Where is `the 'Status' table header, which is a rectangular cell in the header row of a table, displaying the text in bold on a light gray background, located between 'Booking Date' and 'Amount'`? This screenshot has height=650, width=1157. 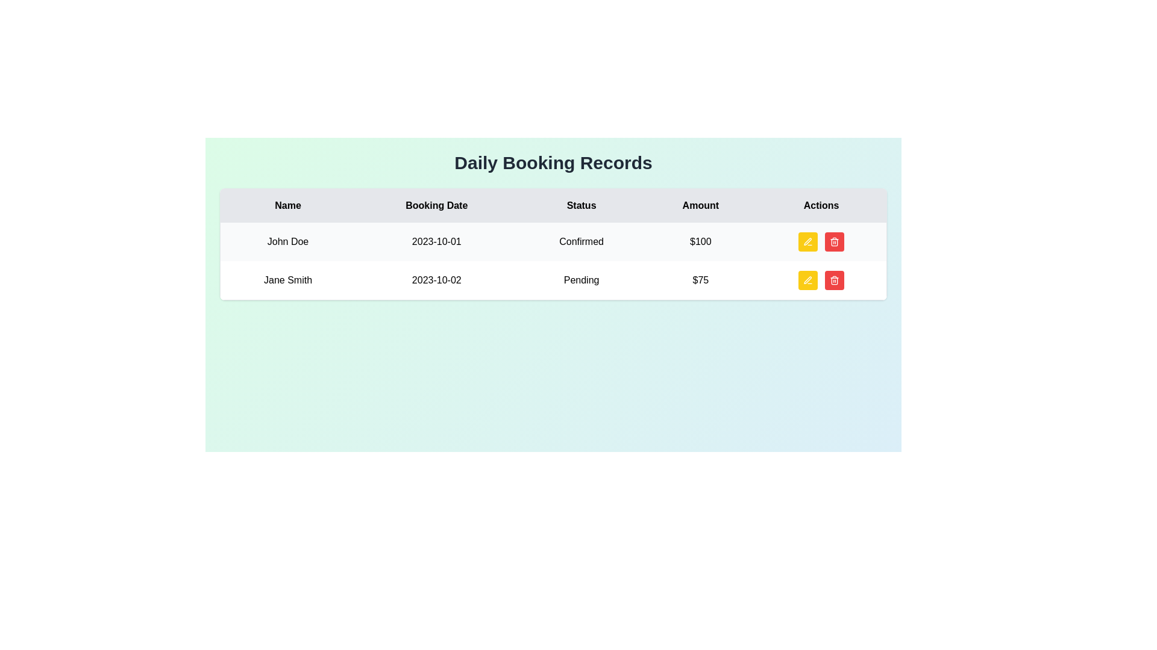 the 'Status' table header, which is a rectangular cell in the header row of a table, displaying the text in bold on a light gray background, located between 'Booking Date' and 'Amount' is located at coordinates (582, 205).